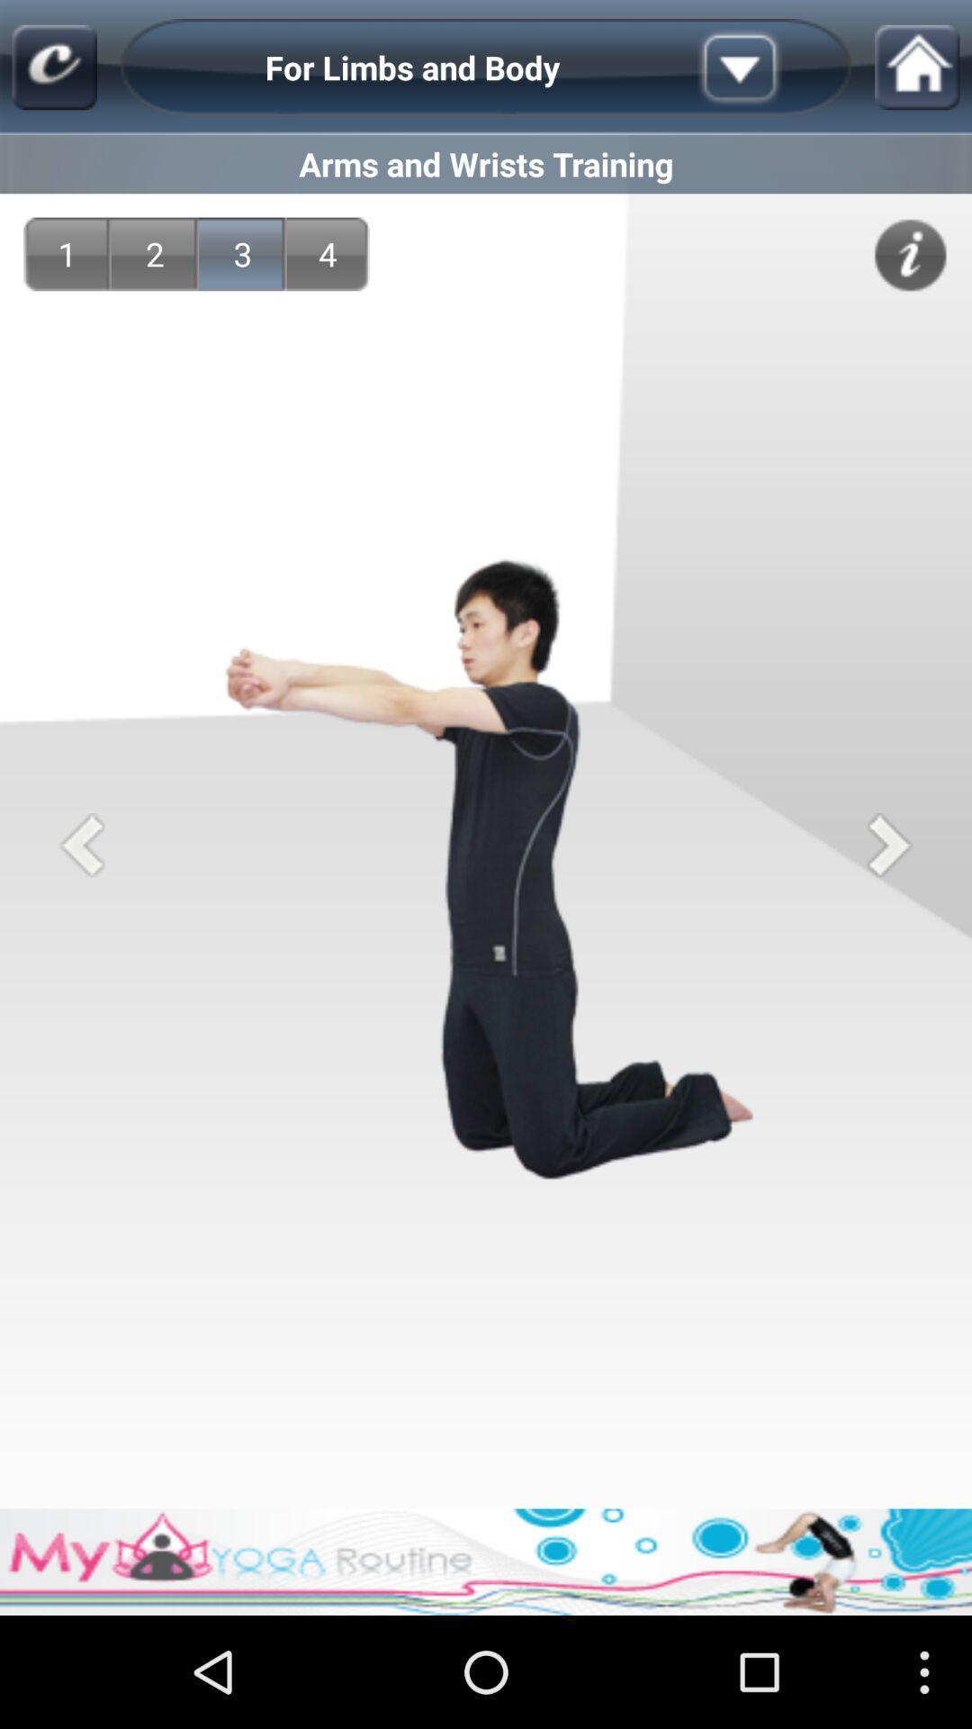 This screenshot has height=1729, width=972. What do you see at coordinates (917, 68) in the screenshot?
I see `go home` at bounding box center [917, 68].